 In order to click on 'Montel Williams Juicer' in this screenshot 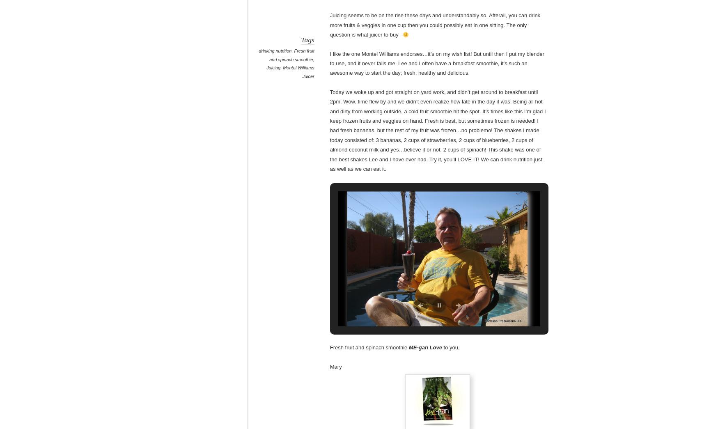, I will do `click(298, 72)`.